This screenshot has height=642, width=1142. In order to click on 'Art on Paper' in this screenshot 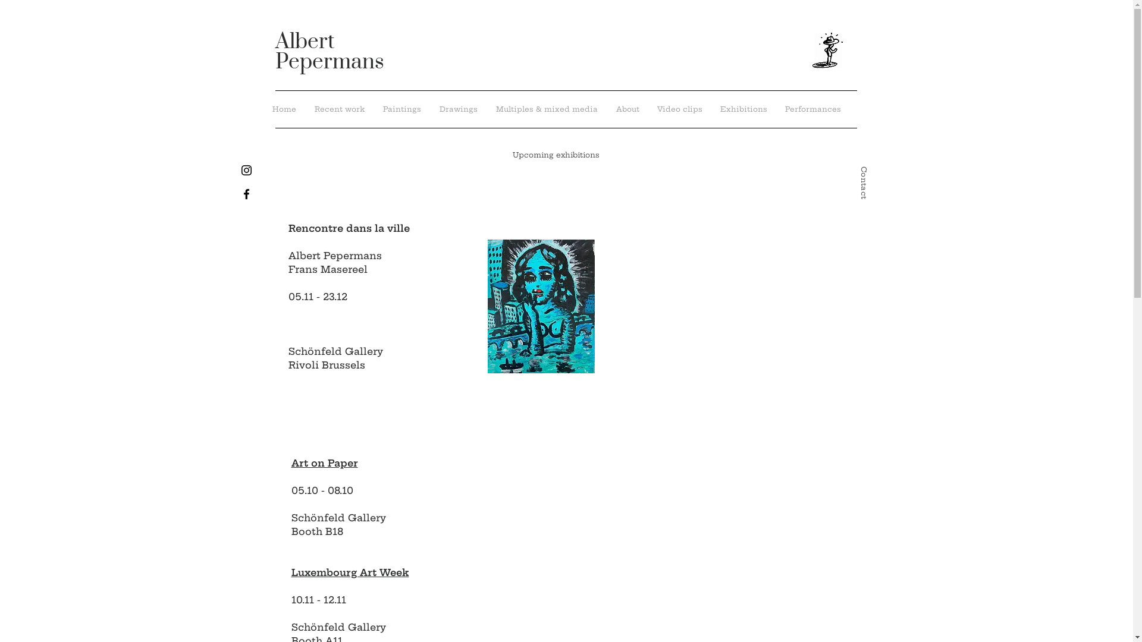, I will do `click(291, 462)`.